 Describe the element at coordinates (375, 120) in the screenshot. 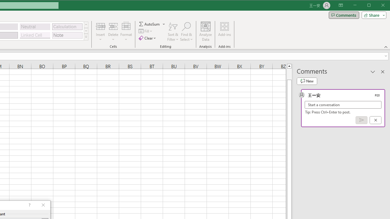

I see `'Cancel'` at that location.